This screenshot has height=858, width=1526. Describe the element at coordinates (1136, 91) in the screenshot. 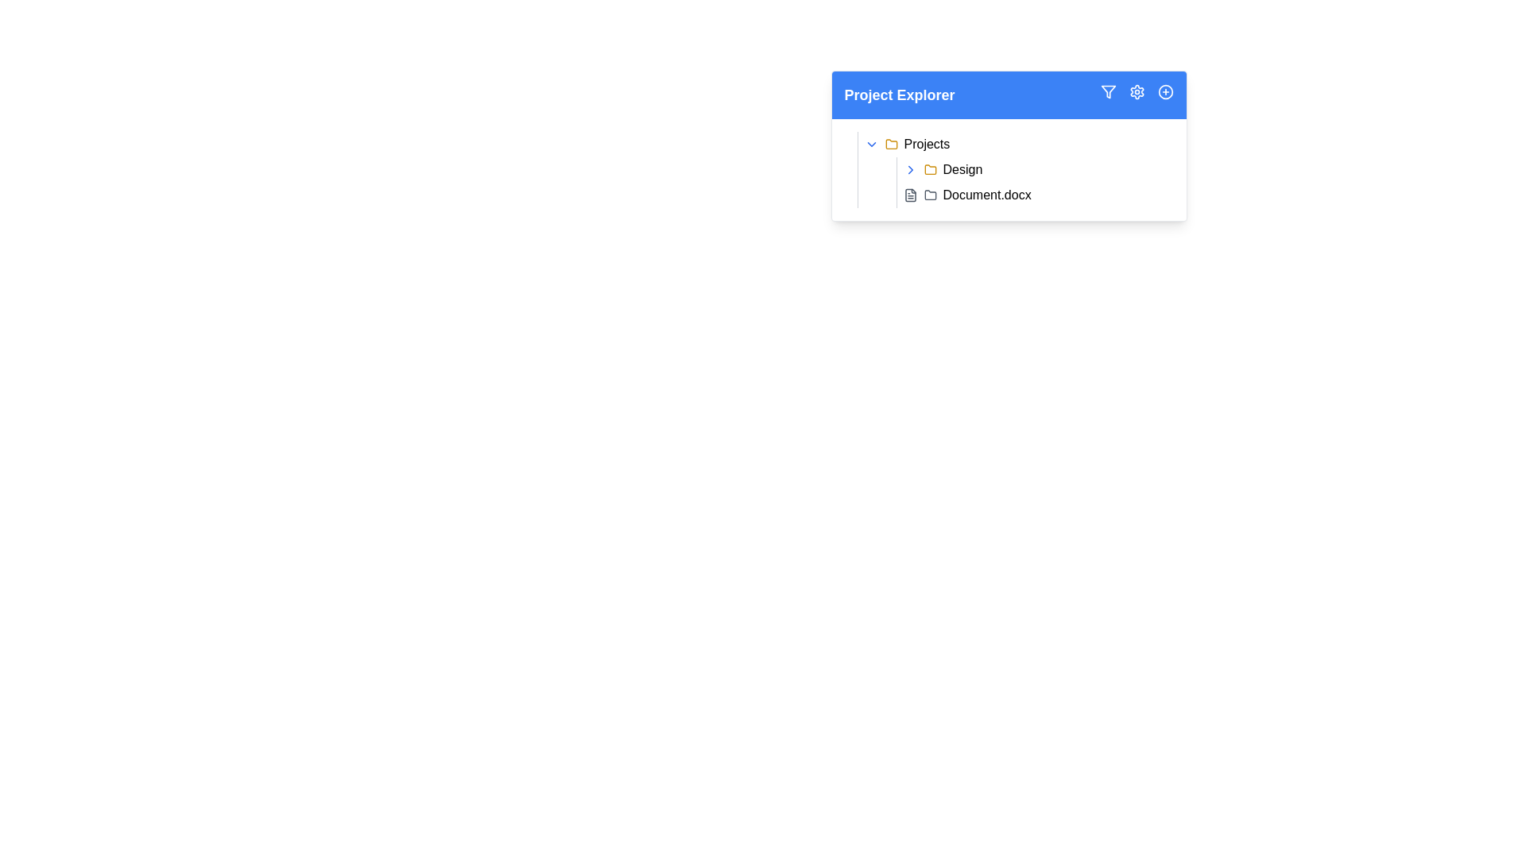

I see `the gear-shaped icon representing application settings located in the upper right corner of the blue 'Project Explorer' title bar` at that location.